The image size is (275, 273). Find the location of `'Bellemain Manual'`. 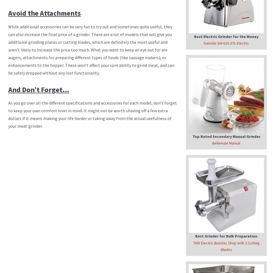

'Bellemain Manual' is located at coordinates (226, 143).